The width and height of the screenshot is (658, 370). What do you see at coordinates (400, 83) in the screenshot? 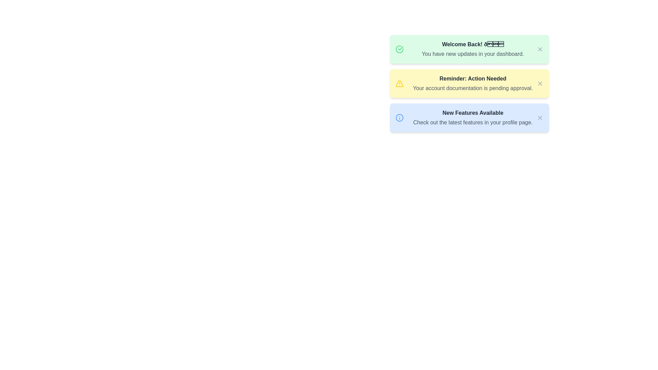
I see `the triangular warning icon with a yellow border, which contains an exclamation mark and is located beside the title text 'Reminder: Action Needed'` at bounding box center [400, 83].